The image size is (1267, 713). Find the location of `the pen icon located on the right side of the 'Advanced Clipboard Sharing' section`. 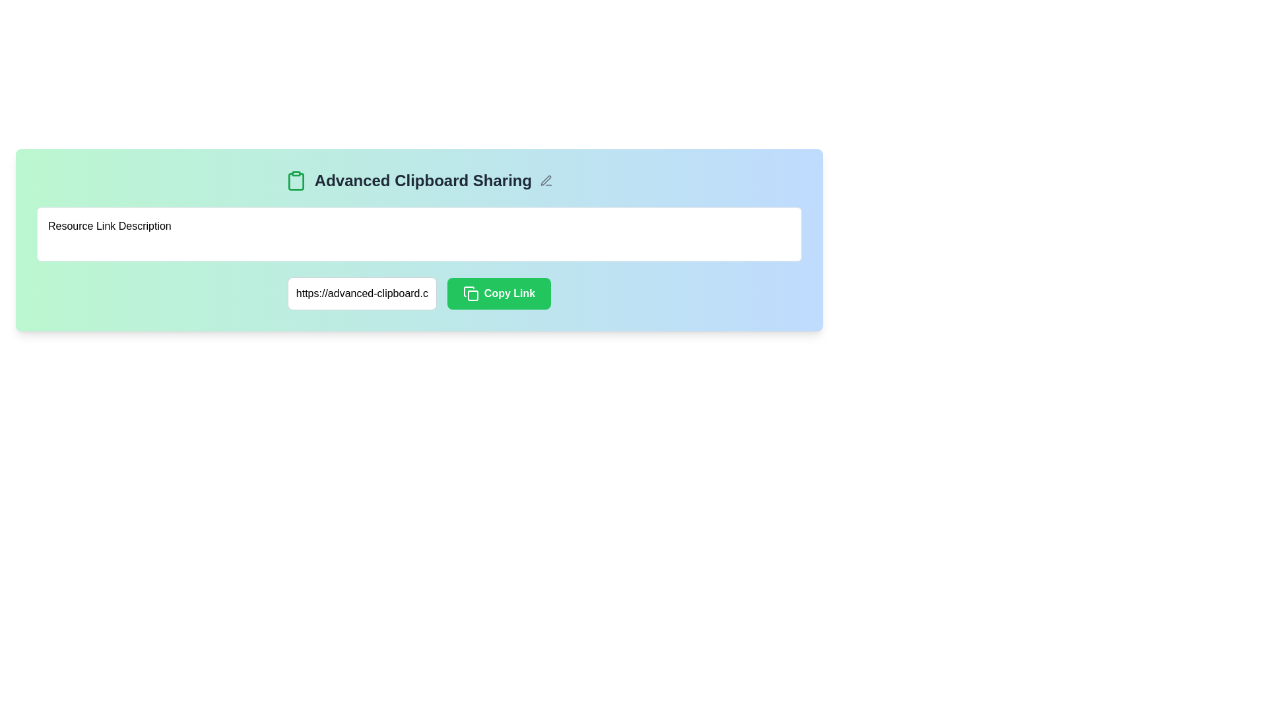

the pen icon located on the right side of the 'Advanced Clipboard Sharing' section is located at coordinates (546, 180).